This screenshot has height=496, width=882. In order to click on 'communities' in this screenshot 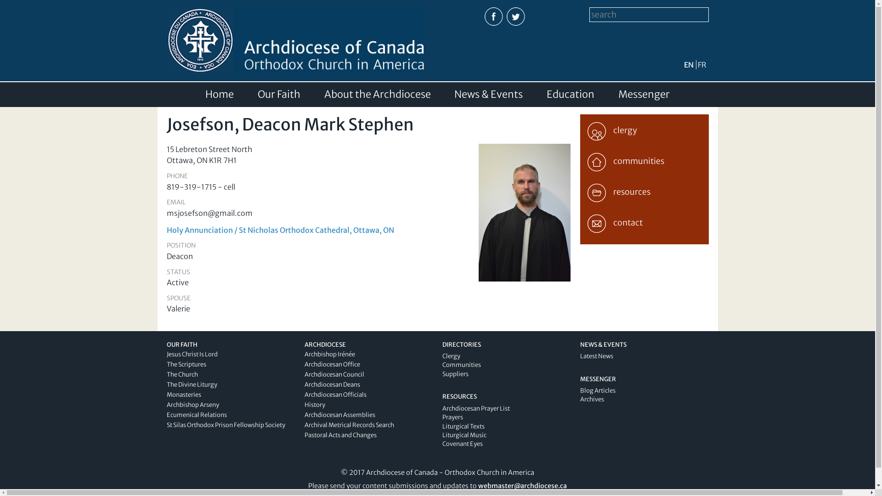, I will do `click(643, 159)`.